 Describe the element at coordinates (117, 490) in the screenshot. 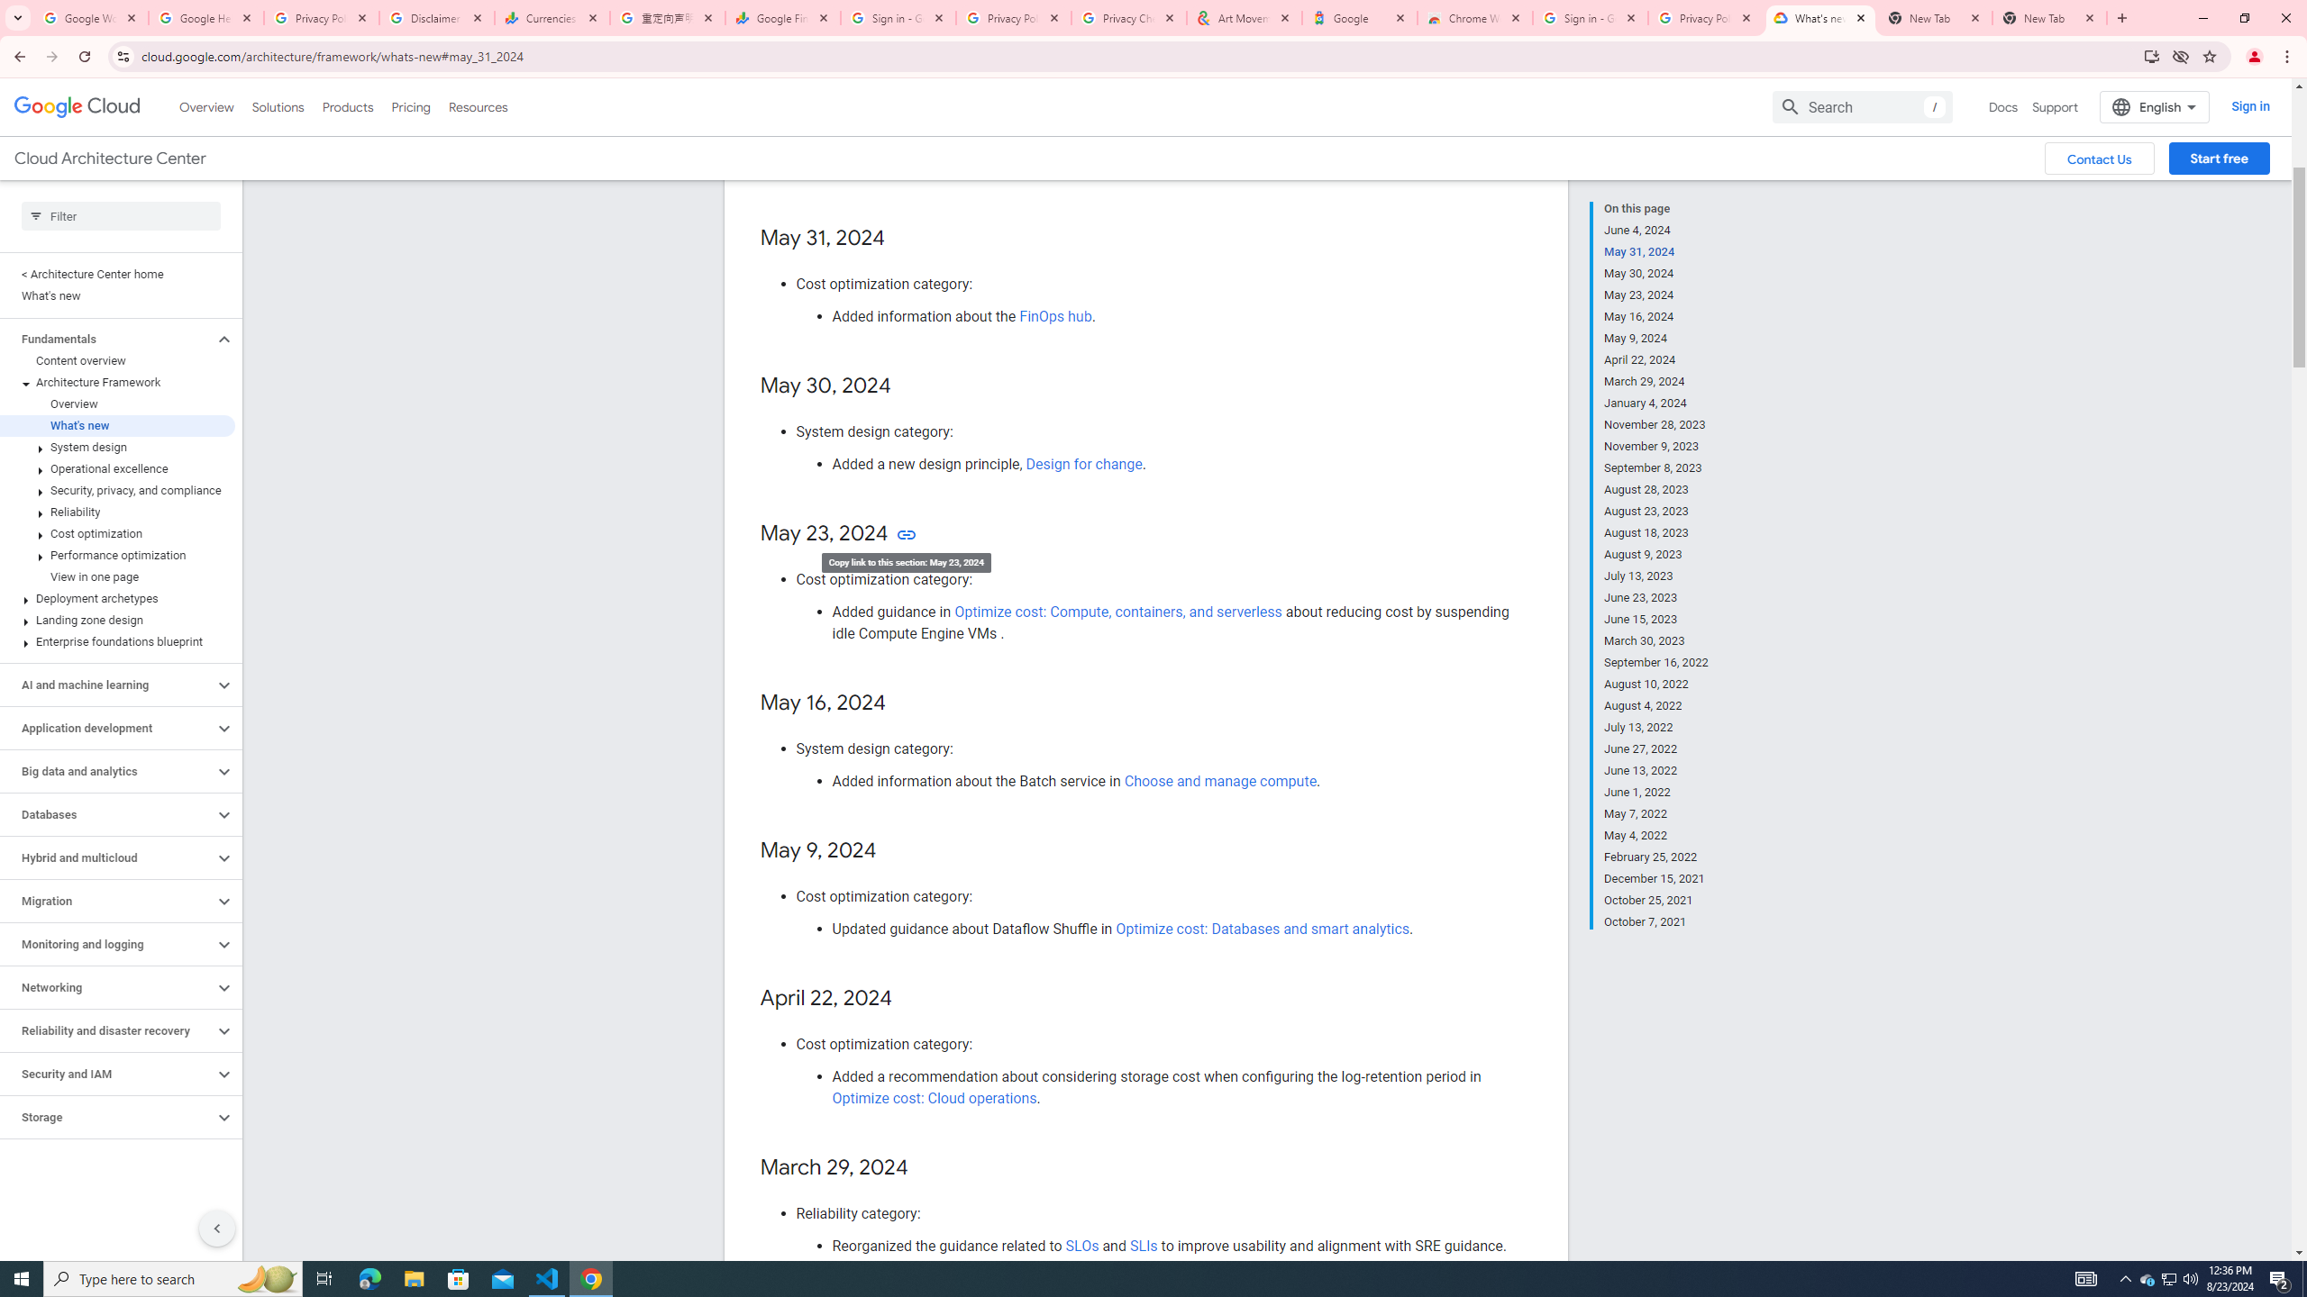

I see `'Security, privacy, and compliance'` at that location.